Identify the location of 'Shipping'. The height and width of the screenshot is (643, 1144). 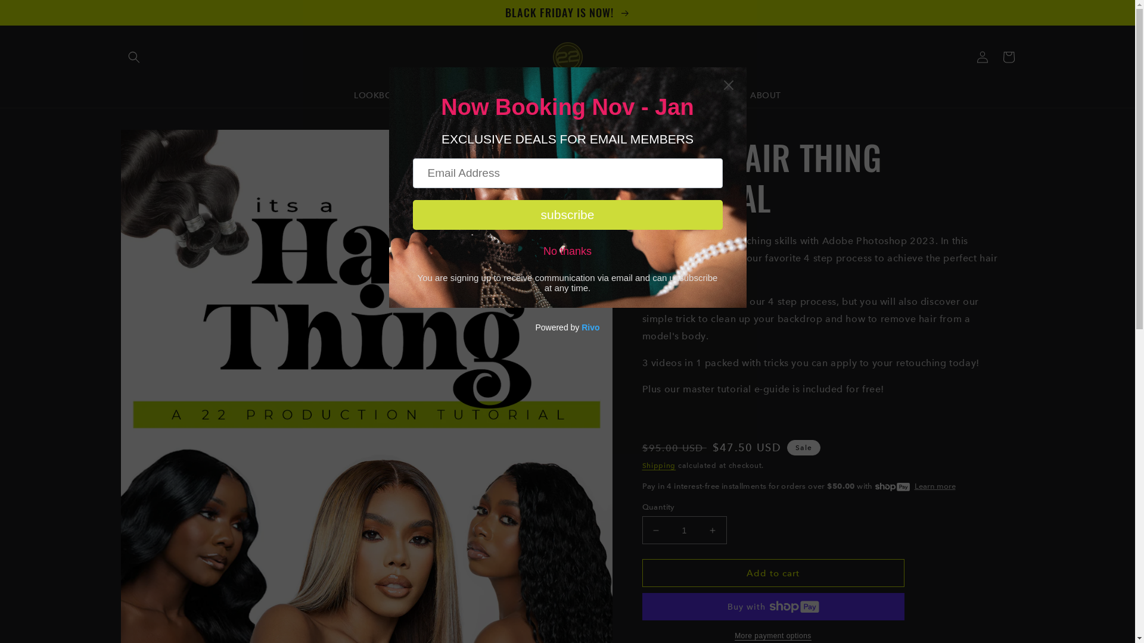
(658, 465).